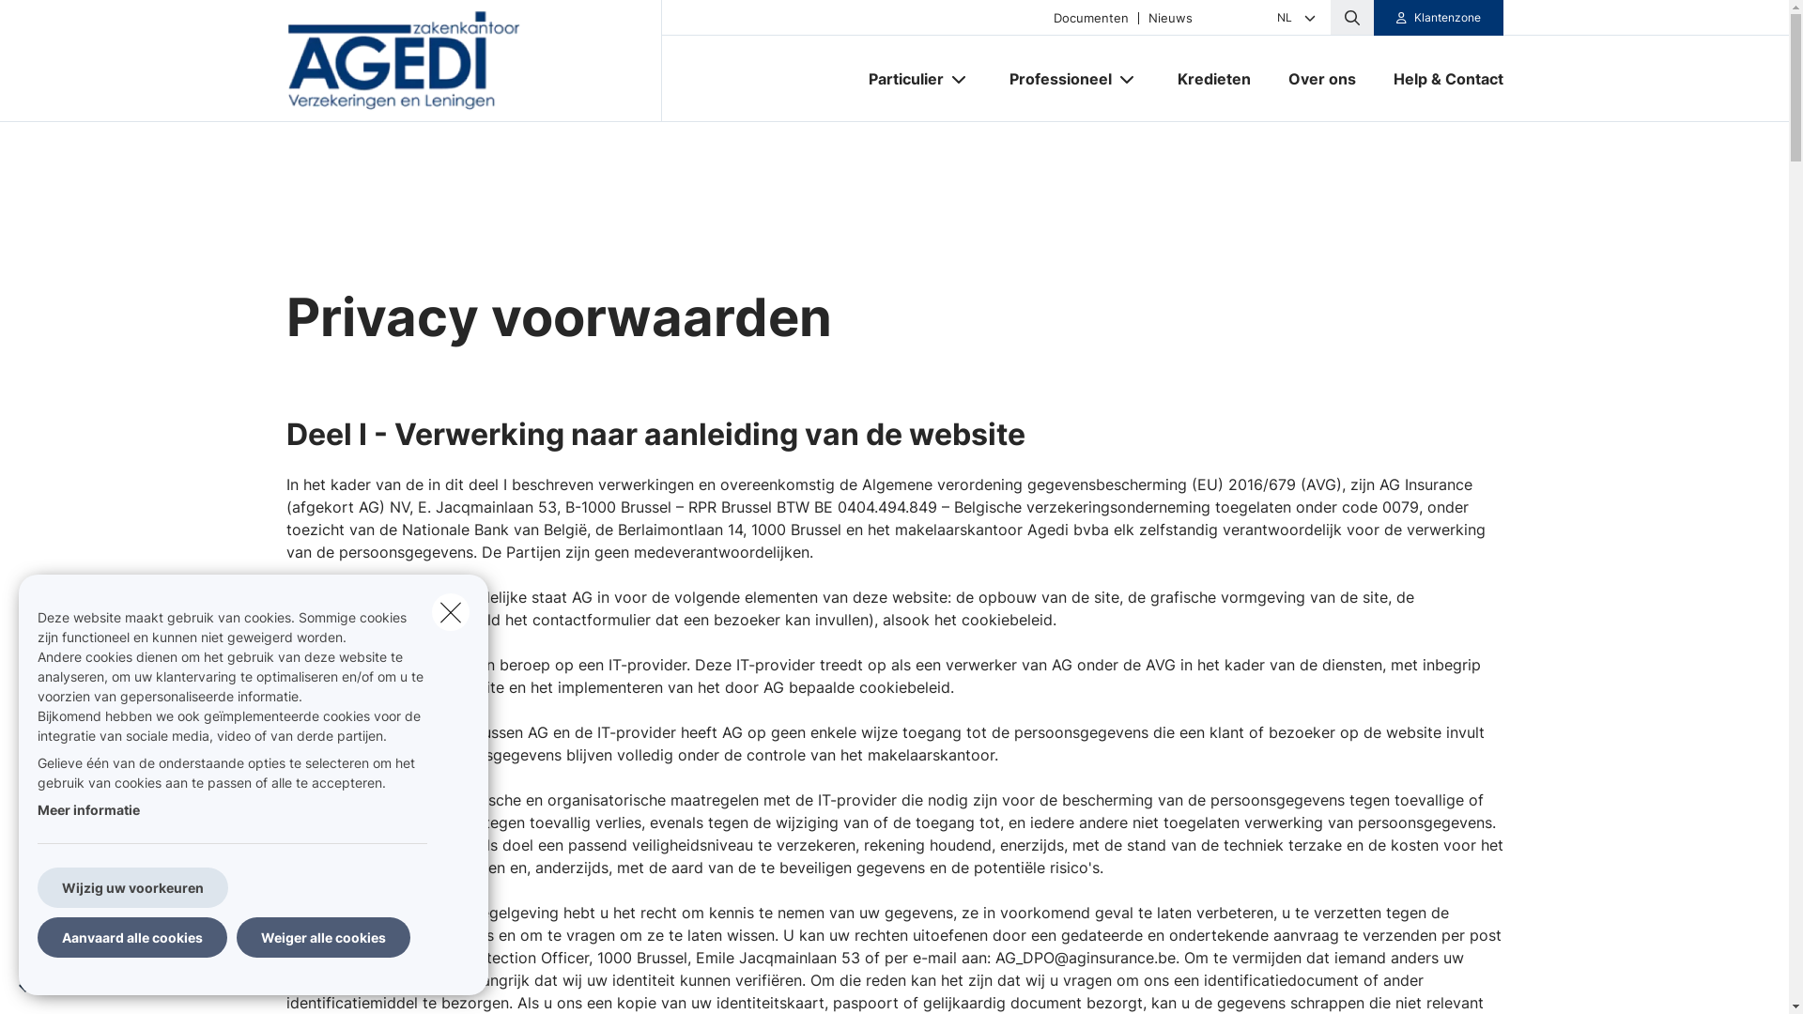  What do you see at coordinates (131, 937) in the screenshot?
I see `'Aanvaard alle cookies'` at bounding box center [131, 937].